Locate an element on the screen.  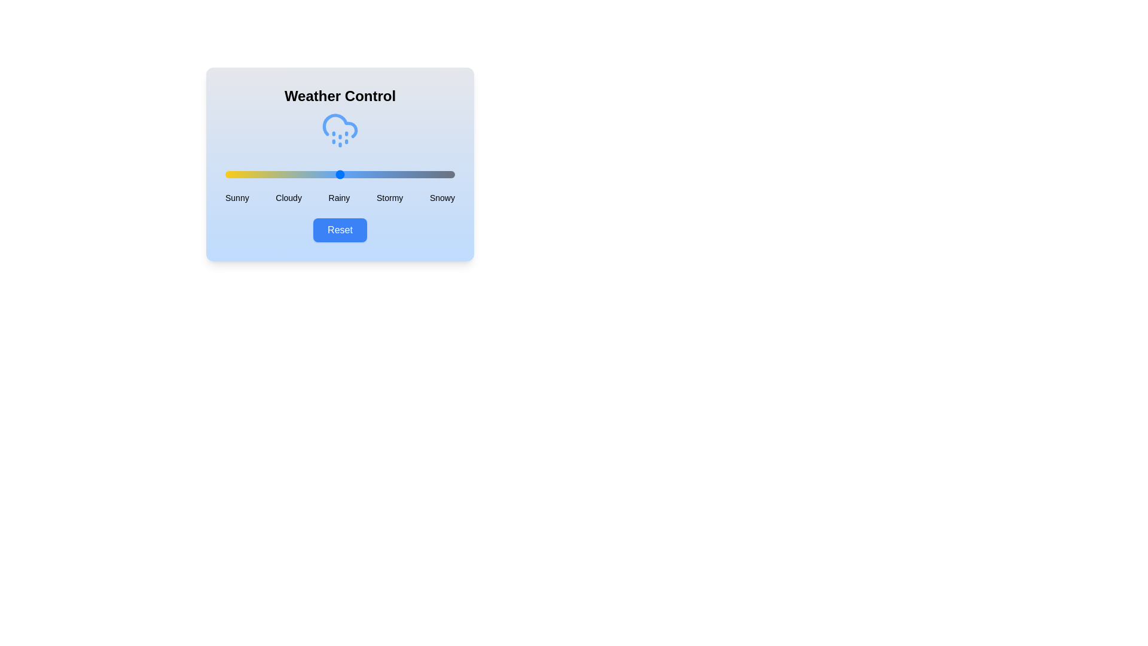
Reset button to reset the weather condition is located at coordinates (339, 230).